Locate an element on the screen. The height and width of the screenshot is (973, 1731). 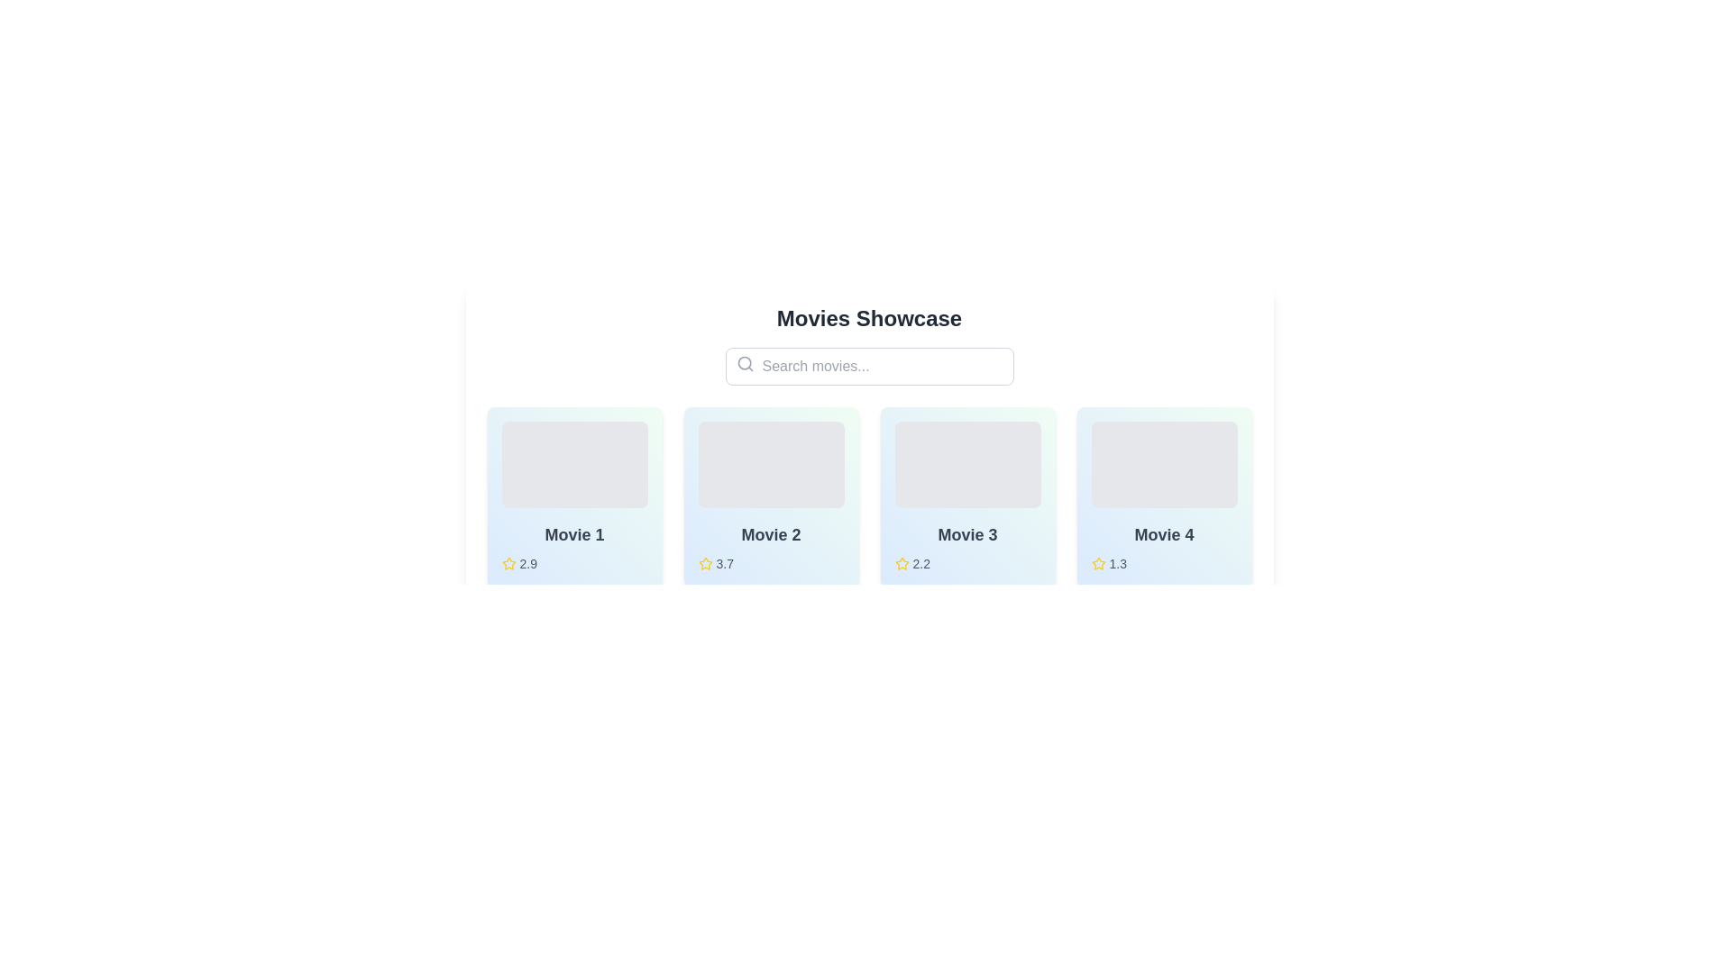
the Information Card displaying 'Movie 3' with a rating of '2.2', located in the third column of the grid layout is located at coordinates (966, 496).